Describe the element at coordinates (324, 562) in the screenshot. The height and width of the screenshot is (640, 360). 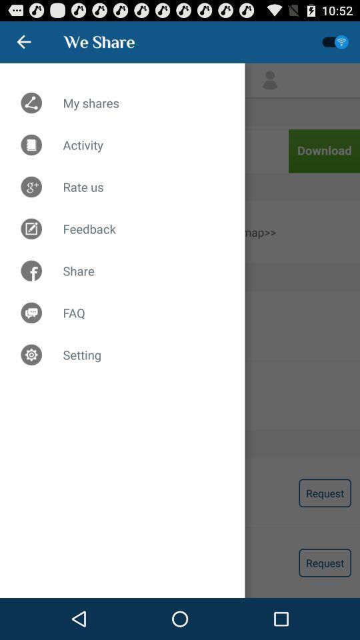
I see `the second request button` at that location.